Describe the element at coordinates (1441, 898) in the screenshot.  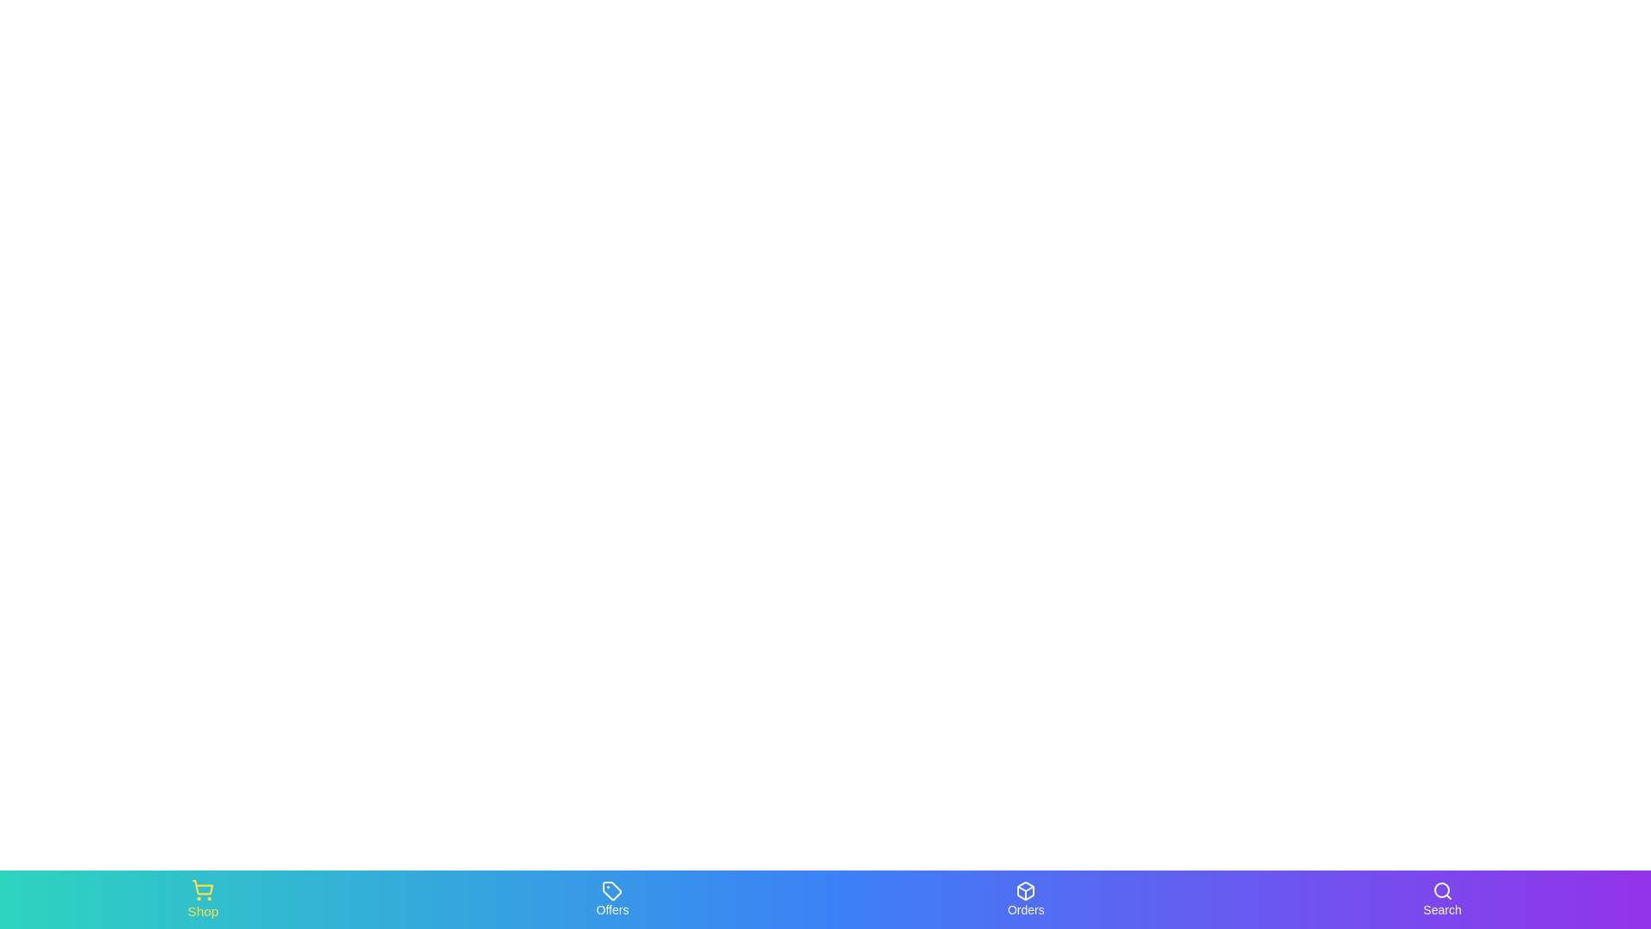
I see `the Search tab` at that location.